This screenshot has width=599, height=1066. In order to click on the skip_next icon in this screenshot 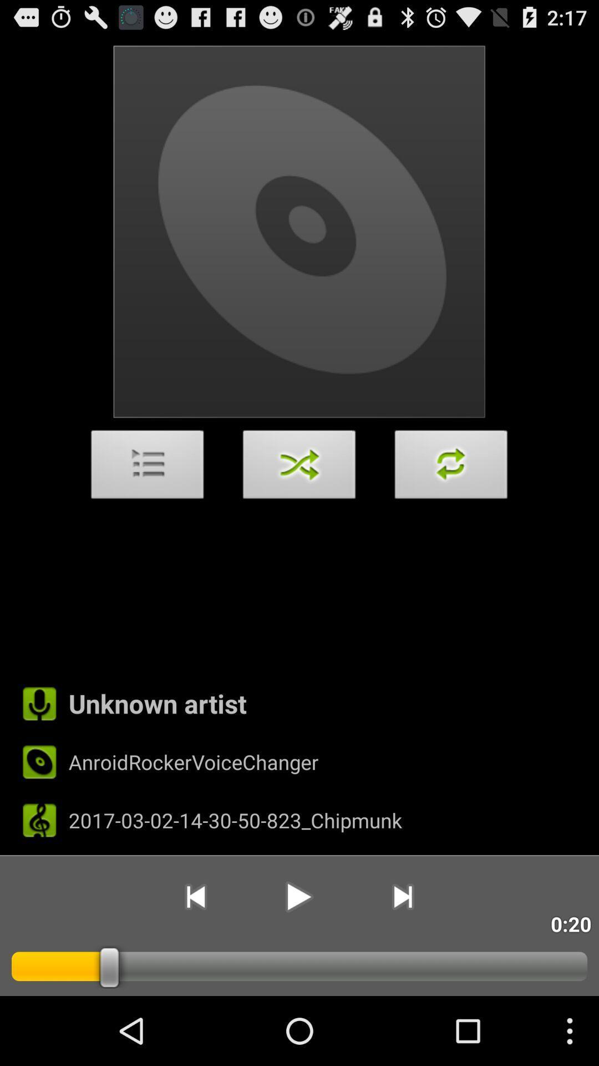, I will do `click(403, 959)`.